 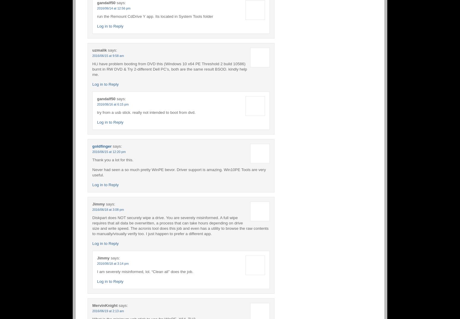 I want to click on 'Never had seen a so much pretty WinPE bevor. Driver support is amazing.  Win10PE Tools are very useful.', so click(x=92, y=172).